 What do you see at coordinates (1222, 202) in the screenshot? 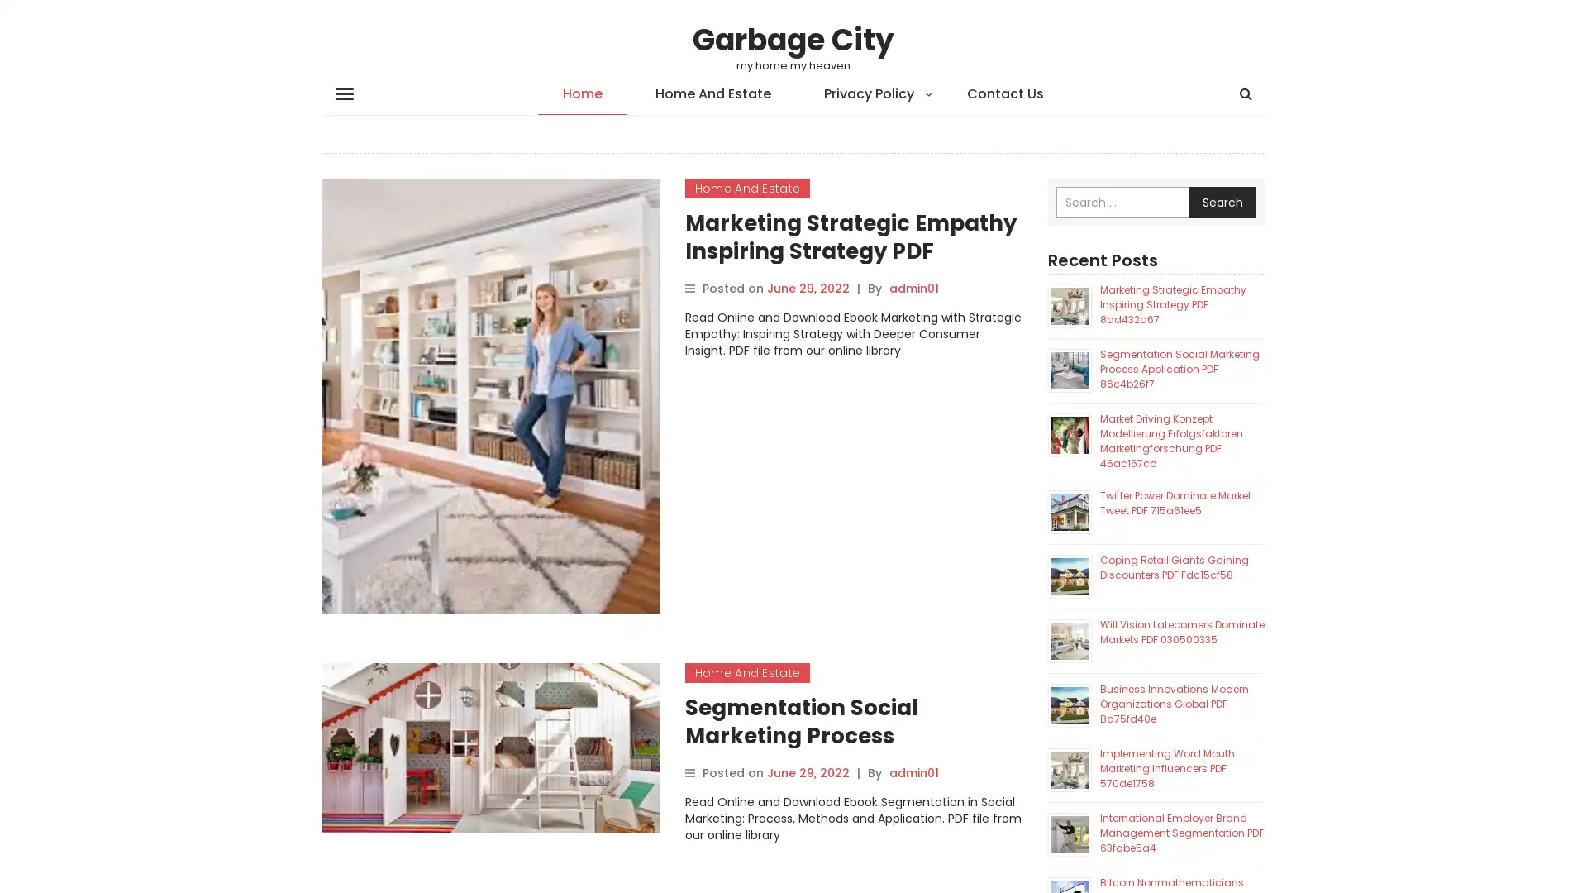
I see `Search` at bounding box center [1222, 202].